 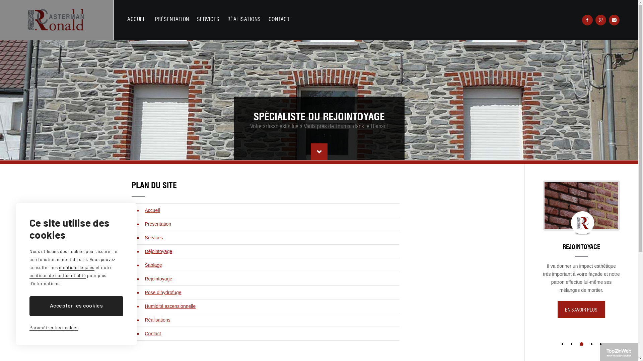 I want to click on 'Rejoignez-nous sur Google+ !', so click(x=601, y=20).